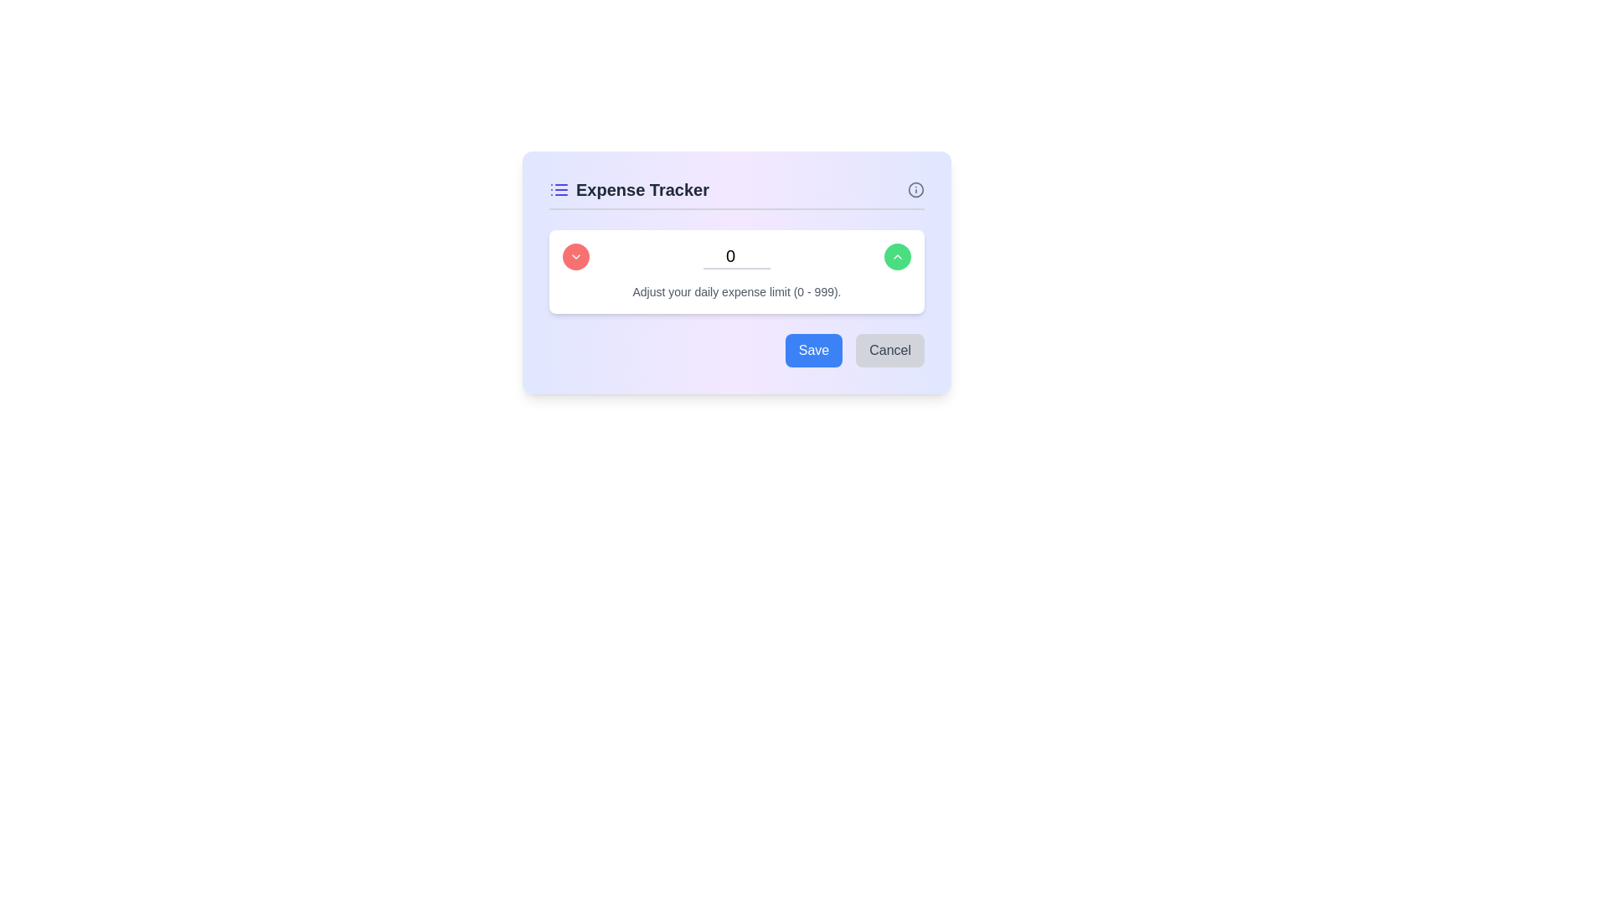 The width and height of the screenshot is (1608, 904). What do you see at coordinates (915, 189) in the screenshot?
I see `the Circle icon component located in the top-right corner of the card, which is part of a graphical interface element` at bounding box center [915, 189].